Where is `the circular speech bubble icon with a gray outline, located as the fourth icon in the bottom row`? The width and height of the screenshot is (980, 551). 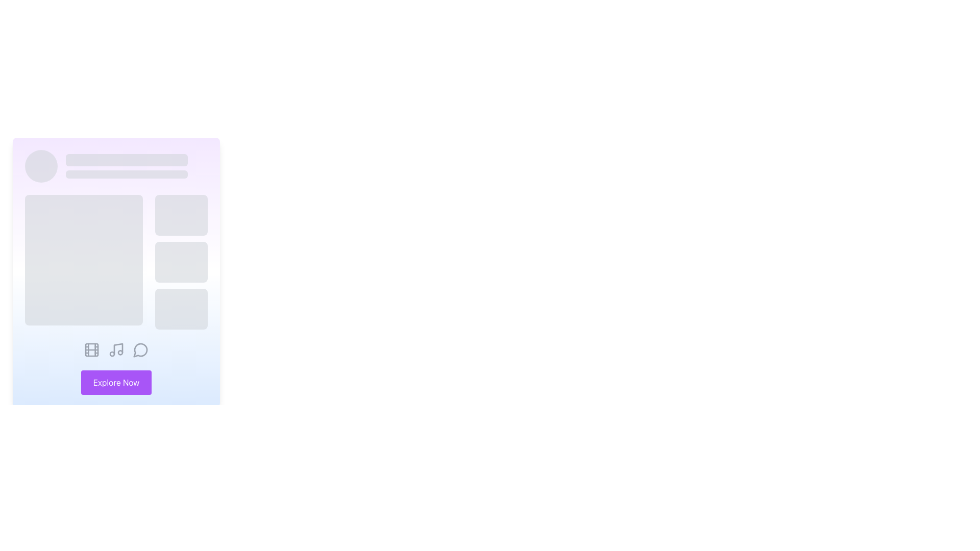 the circular speech bubble icon with a gray outline, located as the fourth icon in the bottom row is located at coordinates (140, 349).